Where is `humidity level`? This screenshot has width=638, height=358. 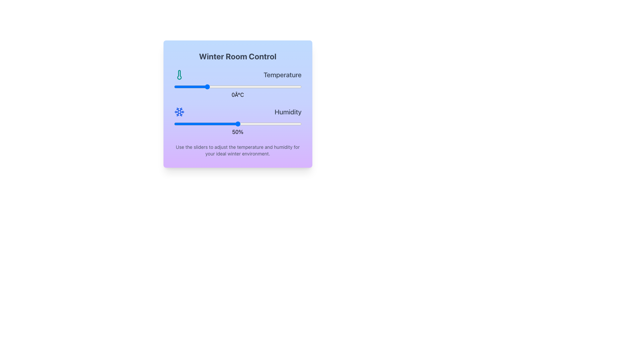
humidity level is located at coordinates (193, 124).